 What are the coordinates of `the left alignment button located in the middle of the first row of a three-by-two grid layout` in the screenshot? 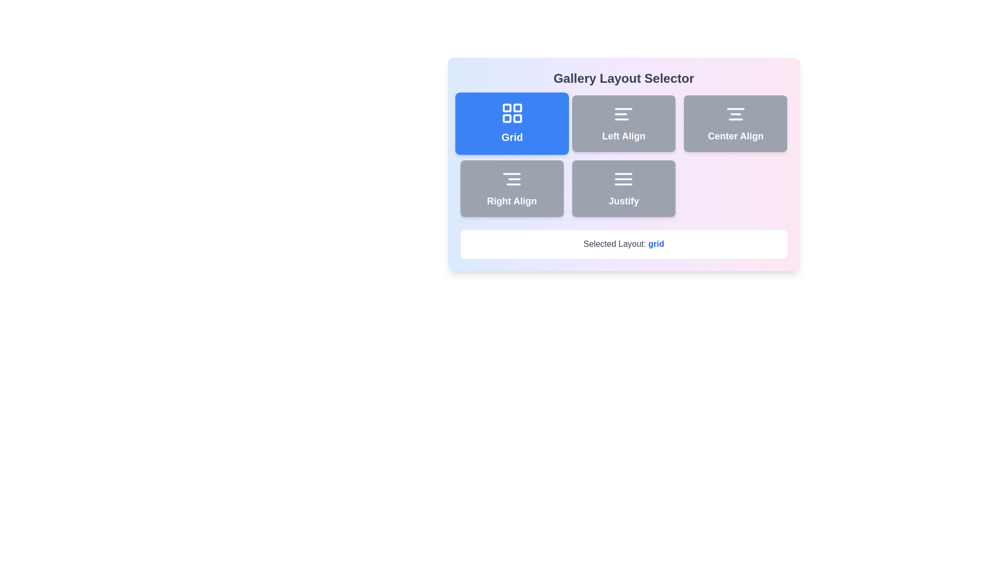 It's located at (624, 123).